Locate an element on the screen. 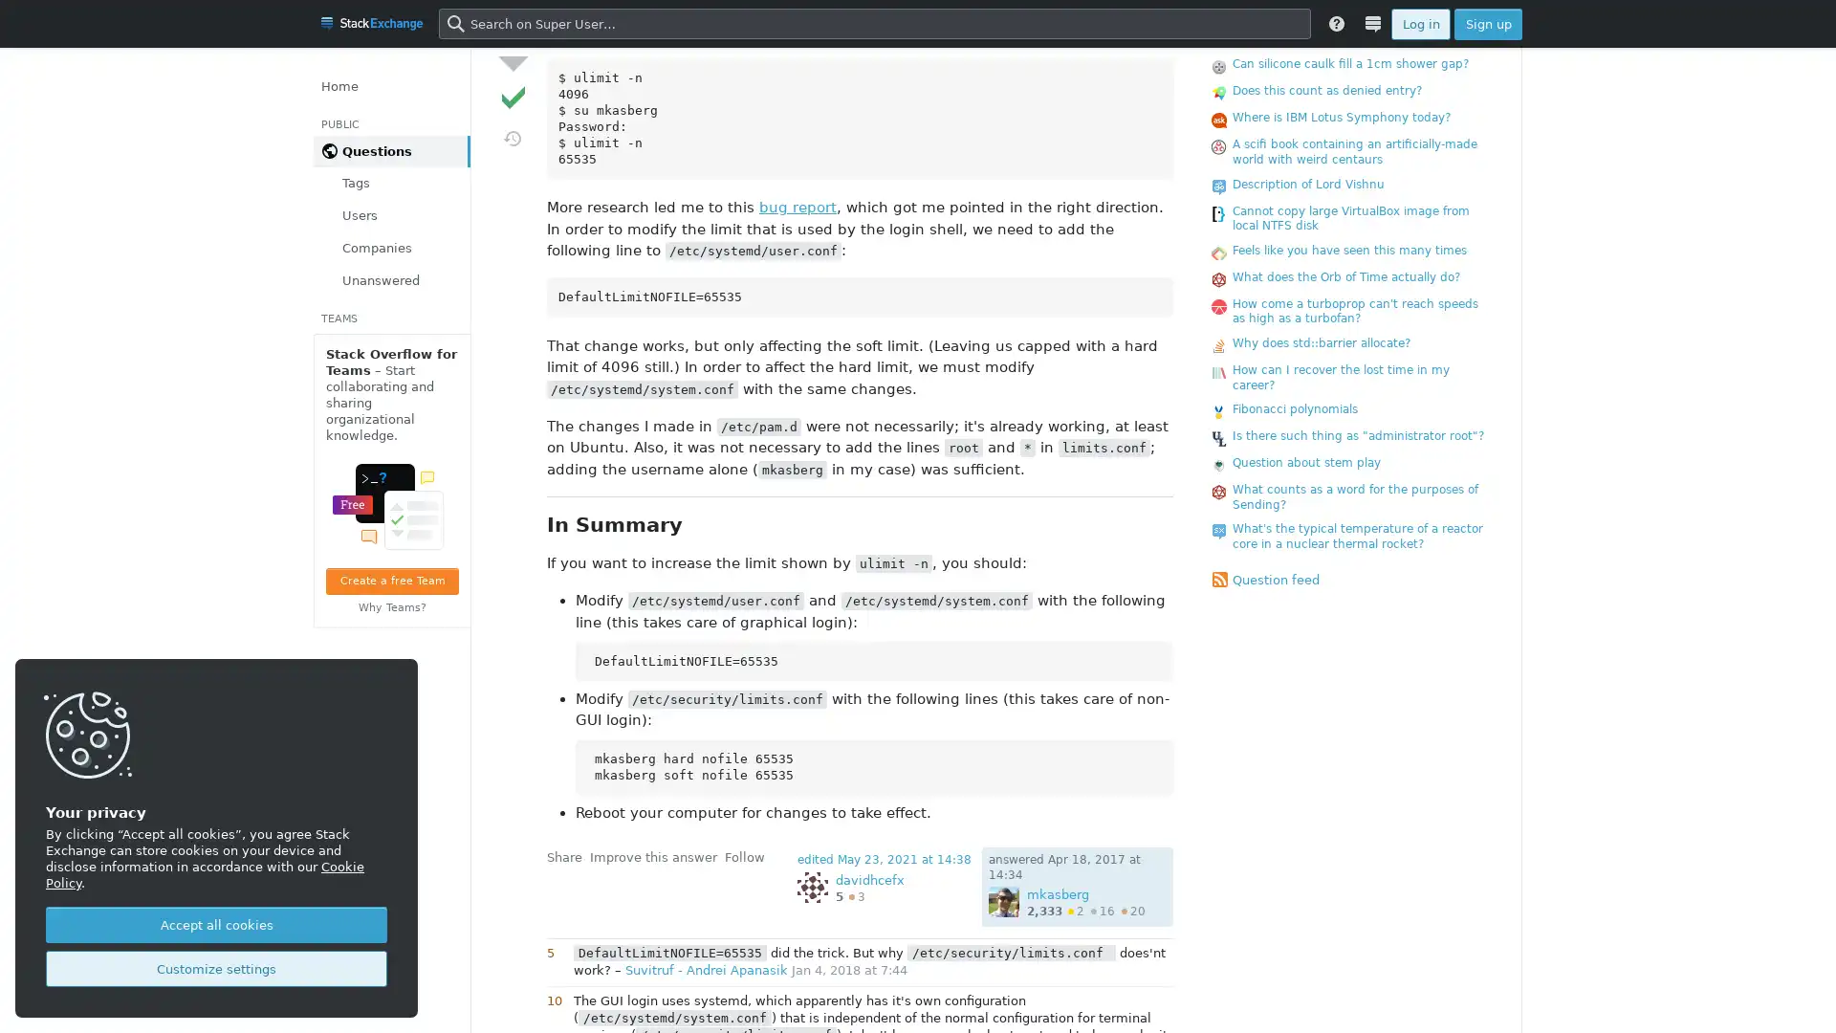 Image resolution: width=1836 pixels, height=1033 pixels. Down vote is located at coordinates (513, 61).